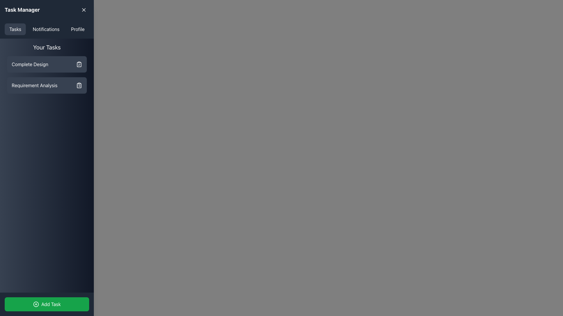  Describe the element at coordinates (35, 304) in the screenshot. I see `the circle SVG element, part of the 'Add Task' button located at the bottom-left corner of the interface, which features a thin border and is styled to convey the action of adding something` at that location.